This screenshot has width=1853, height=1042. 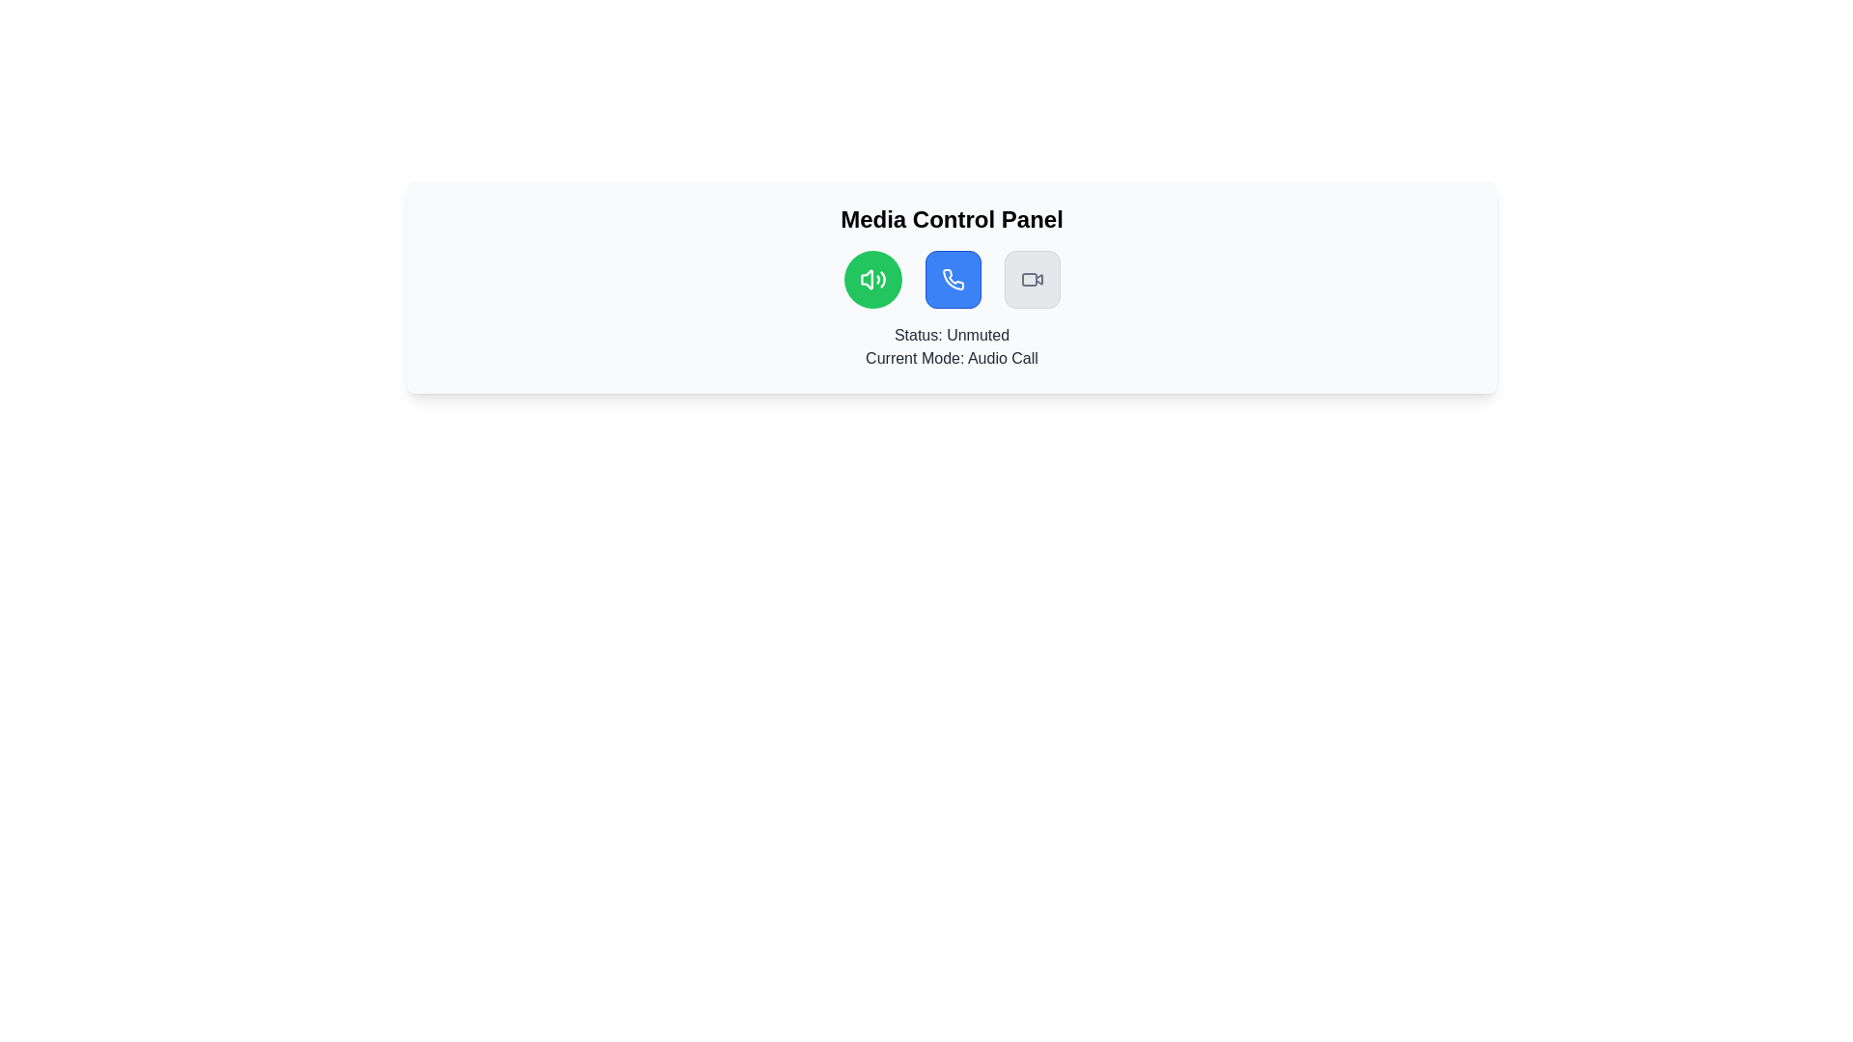 I want to click on the video mode icon located within the third button on the right side of a horizontal set of three buttons, which has rounded corners and a light gray background, so click(x=1031, y=279).